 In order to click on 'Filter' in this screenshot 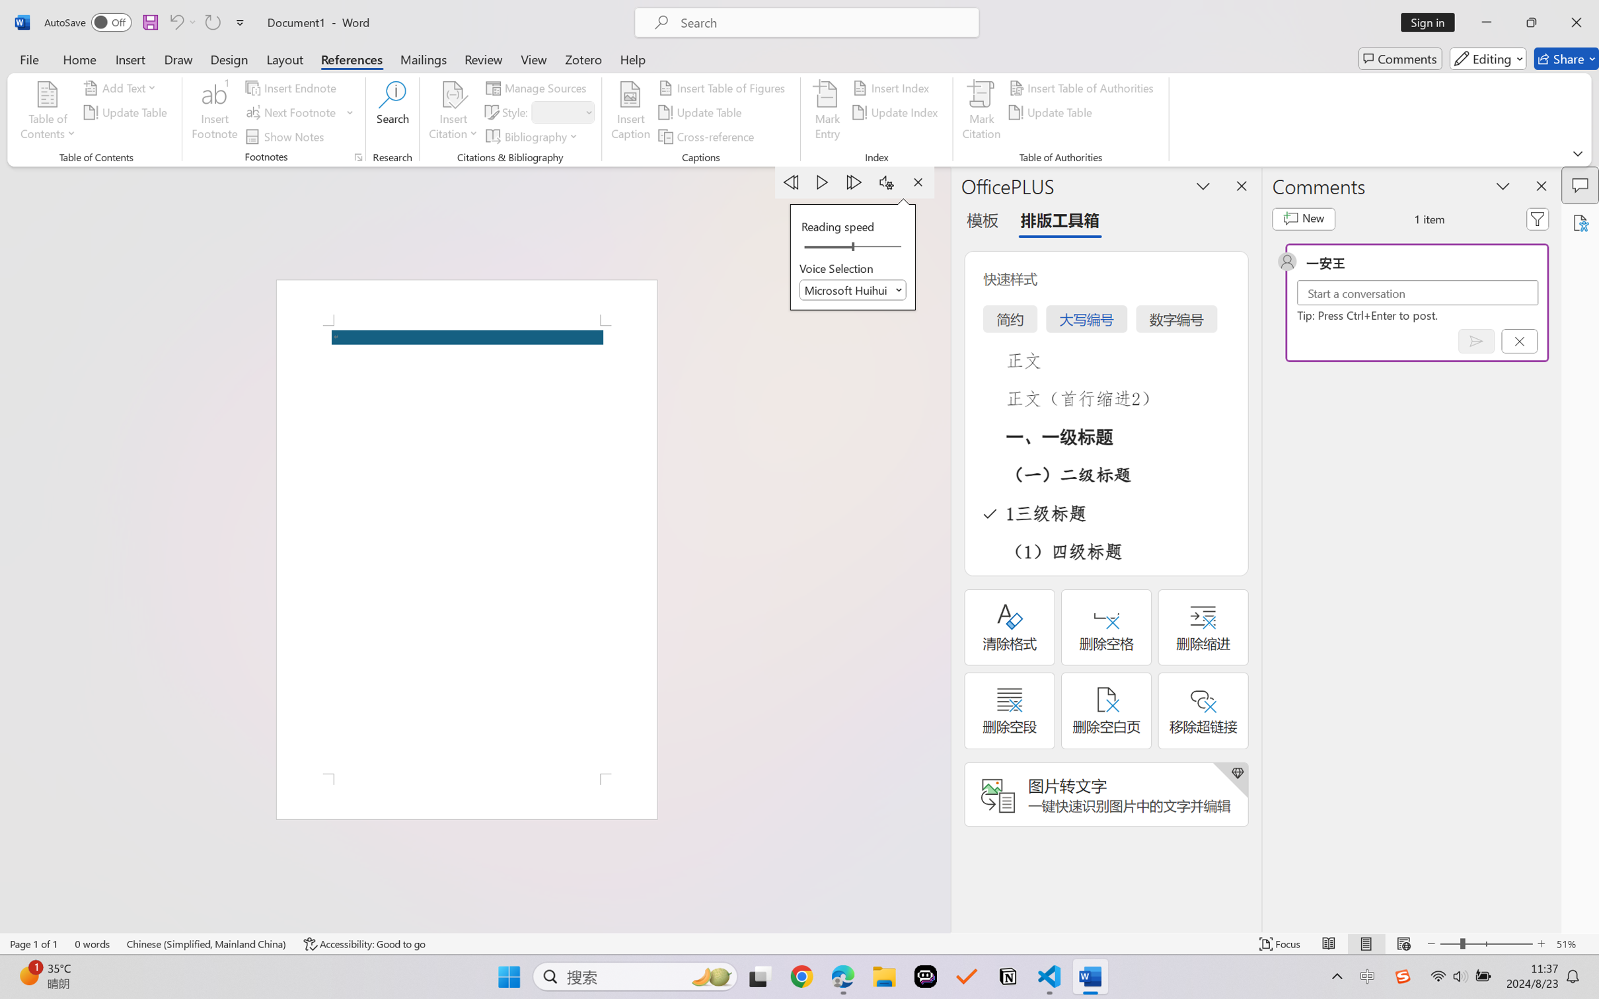, I will do `click(1538, 219)`.